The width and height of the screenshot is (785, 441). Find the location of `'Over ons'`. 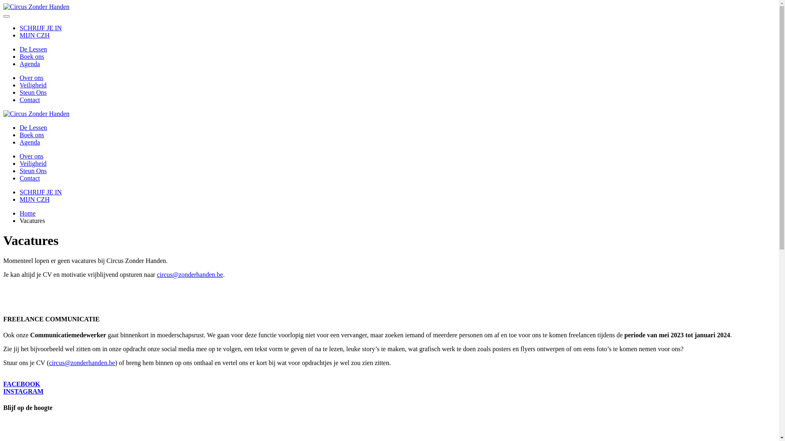

'Over ons' is located at coordinates (31, 78).